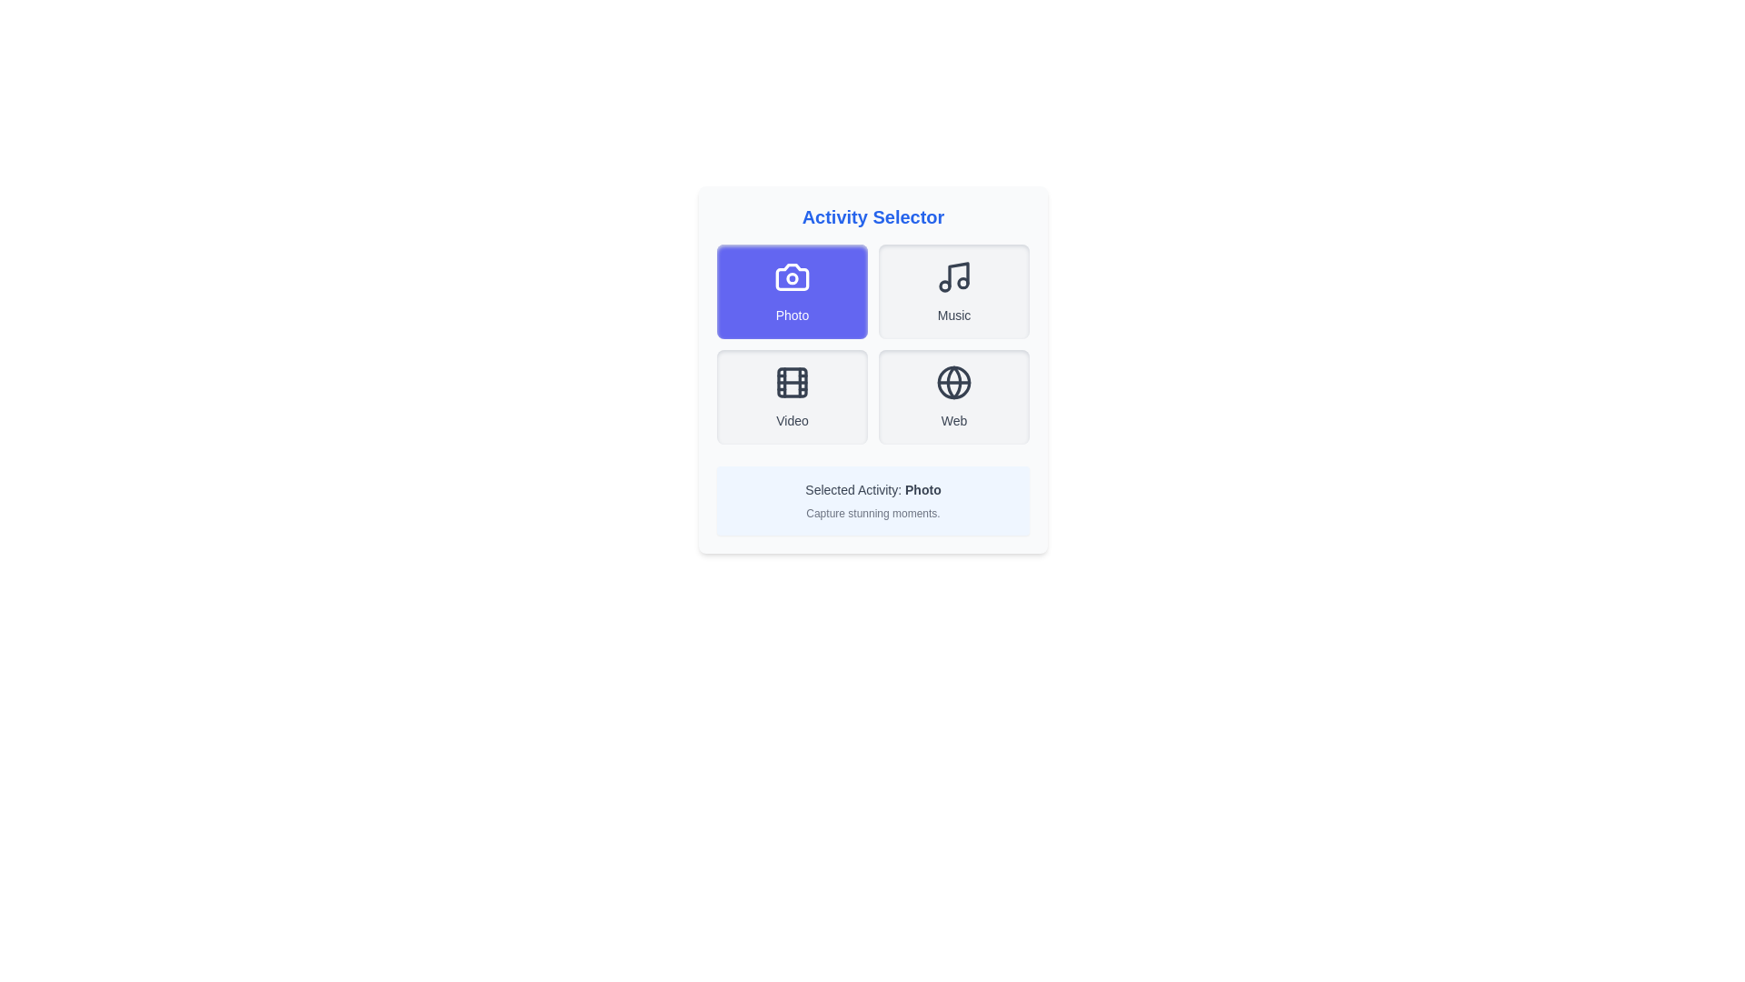 The image size is (1745, 982). Describe the element at coordinates (793, 381) in the screenshot. I see `the icon representing the 'Video' activity` at that location.